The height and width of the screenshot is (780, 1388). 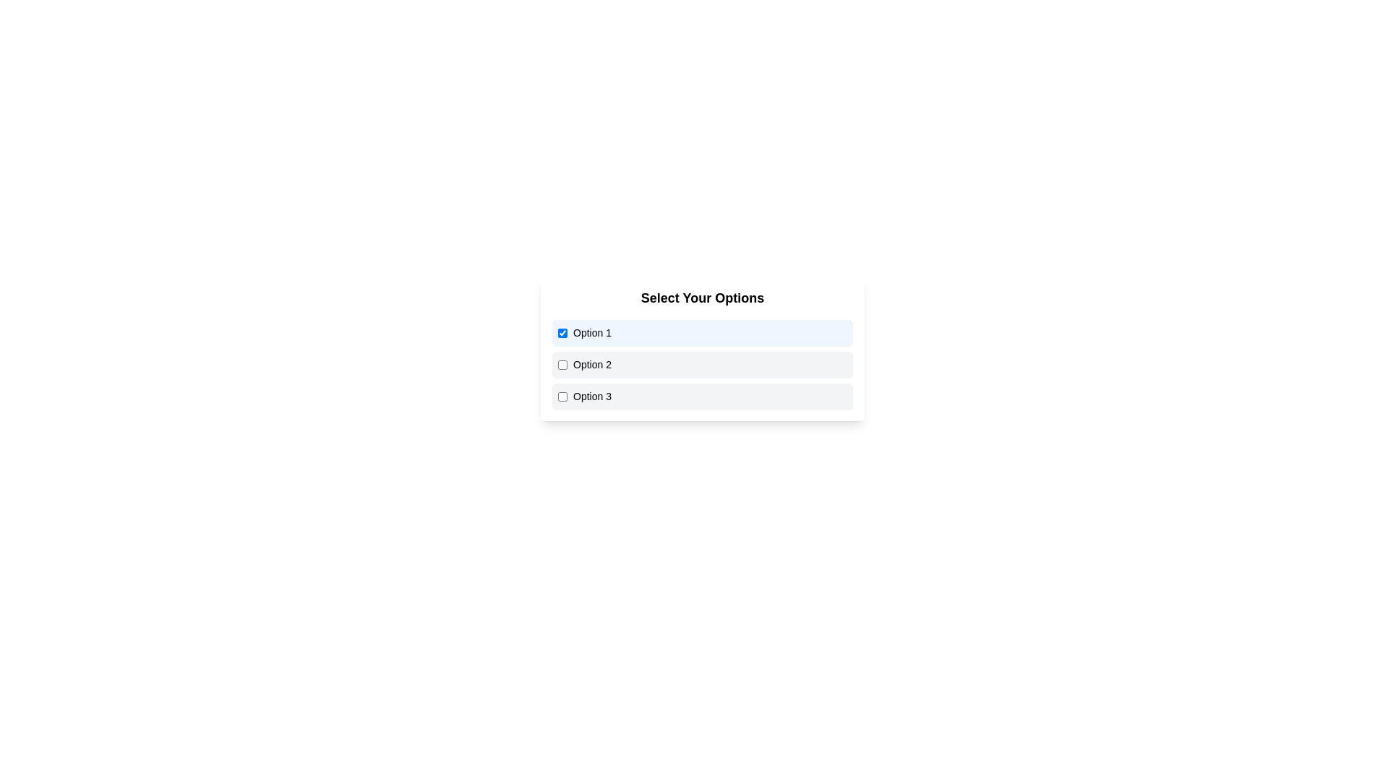 What do you see at coordinates (702, 297) in the screenshot?
I see `the prominently styled text label 'Select Your Options' which is positioned as a header above a set of options` at bounding box center [702, 297].